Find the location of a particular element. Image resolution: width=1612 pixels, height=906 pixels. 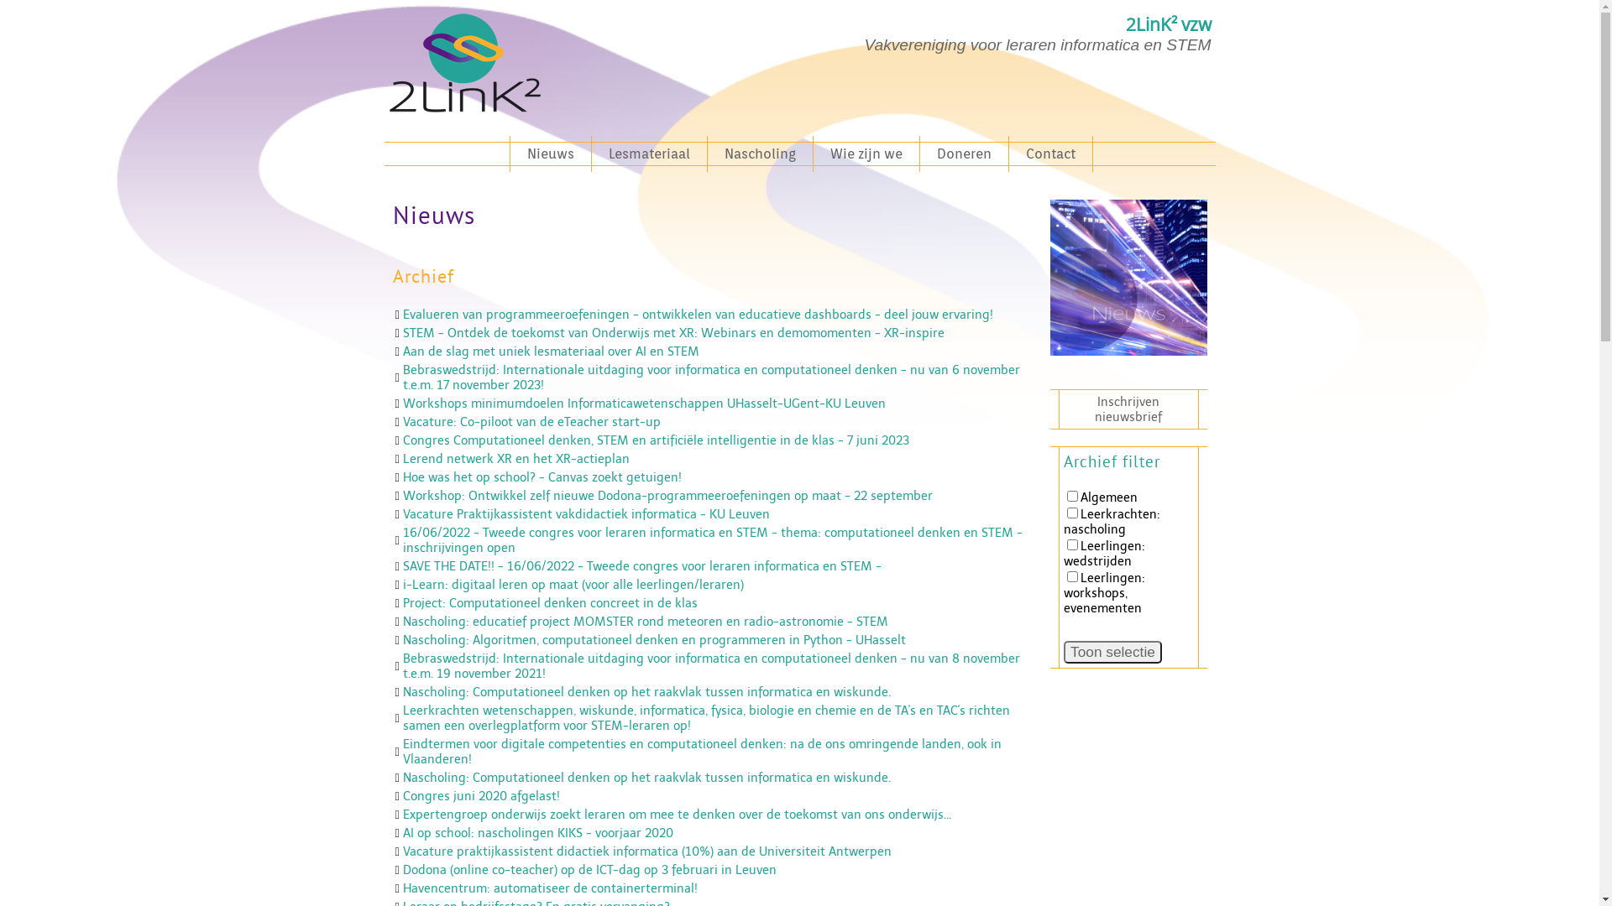

'Nieuws' is located at coordinates (550, 154).